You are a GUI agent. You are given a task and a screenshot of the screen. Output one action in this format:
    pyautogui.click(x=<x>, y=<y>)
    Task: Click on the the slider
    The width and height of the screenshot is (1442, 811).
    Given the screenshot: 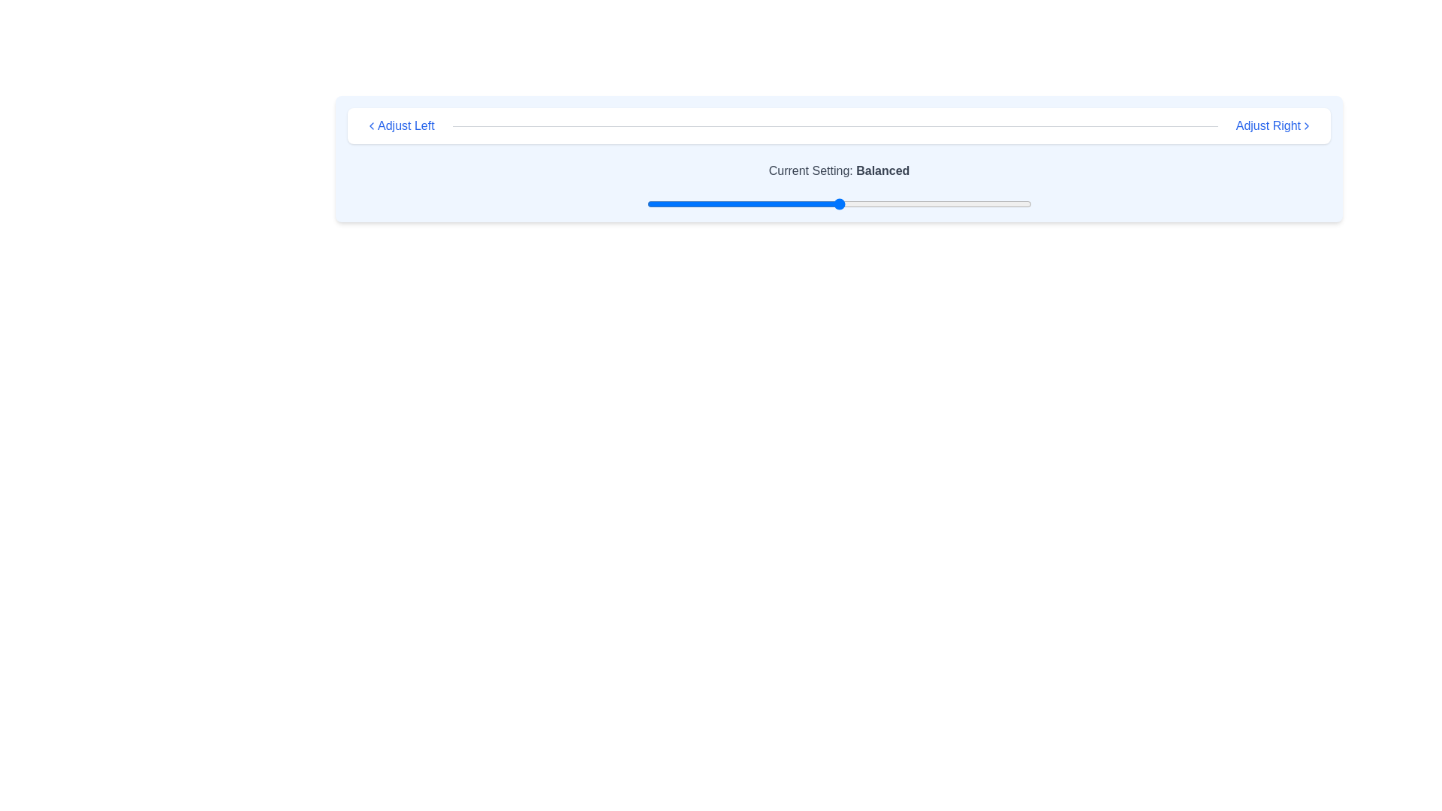 What is the action you would take?
    pyautogui.click(x=958, y=204)
    